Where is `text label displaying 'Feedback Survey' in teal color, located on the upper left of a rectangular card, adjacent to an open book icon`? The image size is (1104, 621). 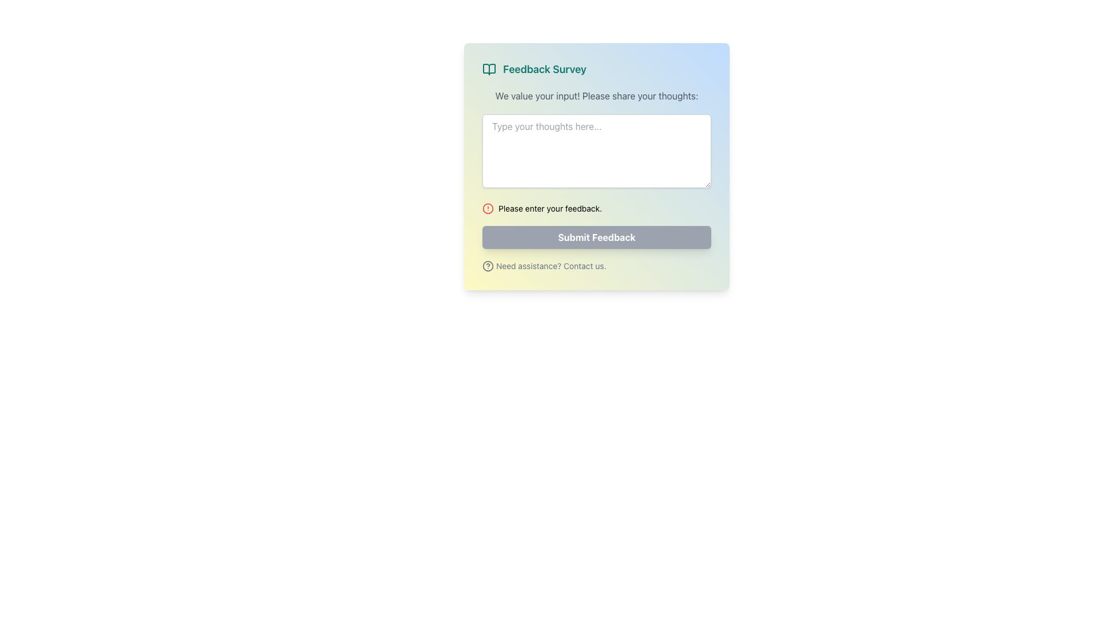 text label displaying 'Feedback Survey' in teal color, located on the upper left of a rectangular card, adjacent to an open book icon is located at coordinates (544, 69).